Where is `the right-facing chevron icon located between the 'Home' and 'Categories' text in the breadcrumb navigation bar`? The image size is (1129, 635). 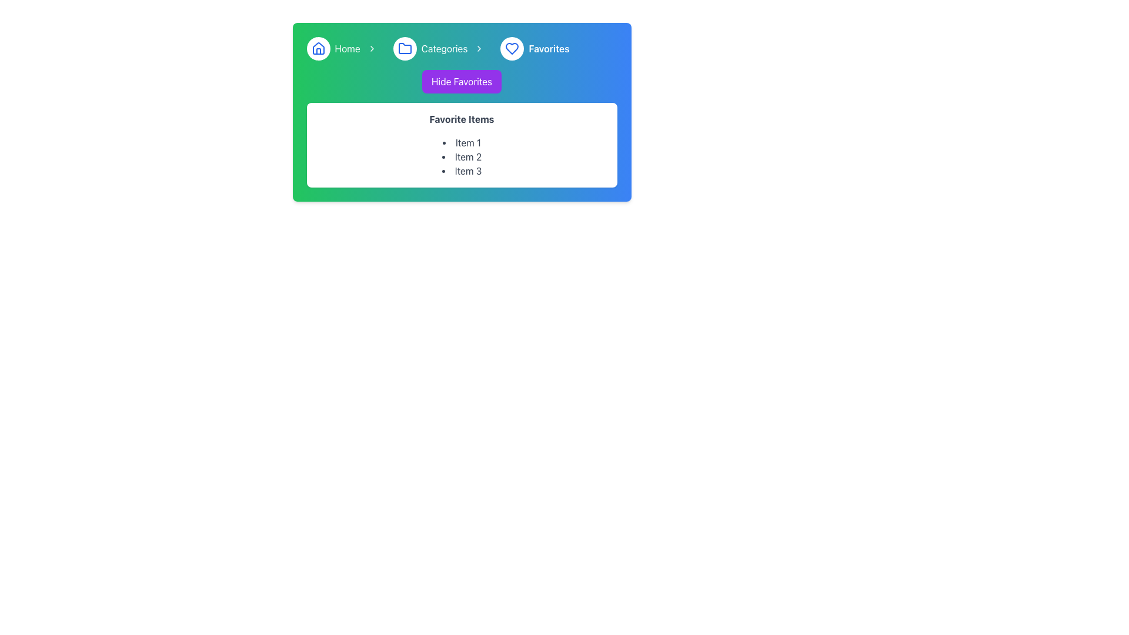 the right-facing chevron icon located between the 'Home' and 'Categories' text in the breadcrumb navigation bar is located at coordinates (371, 48).